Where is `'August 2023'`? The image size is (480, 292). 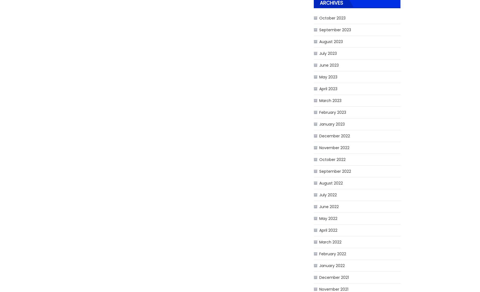
'August 2023' is located at coordinates (331, 41).